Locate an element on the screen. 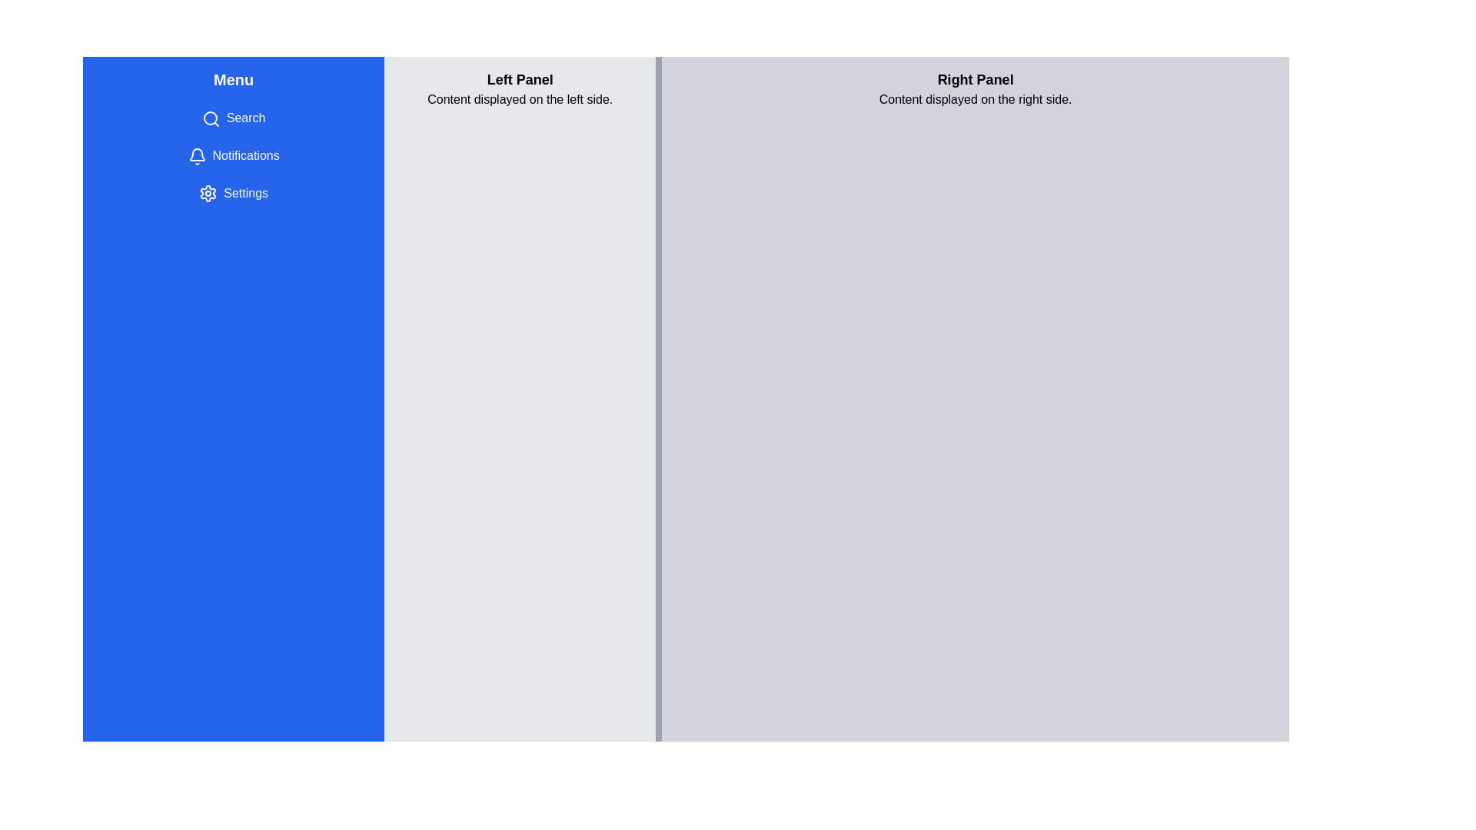 The image size is (1476, 830). the search icon located at the top of the sidebar menu to initiate the search functionality is located at coordinates (210, 118).